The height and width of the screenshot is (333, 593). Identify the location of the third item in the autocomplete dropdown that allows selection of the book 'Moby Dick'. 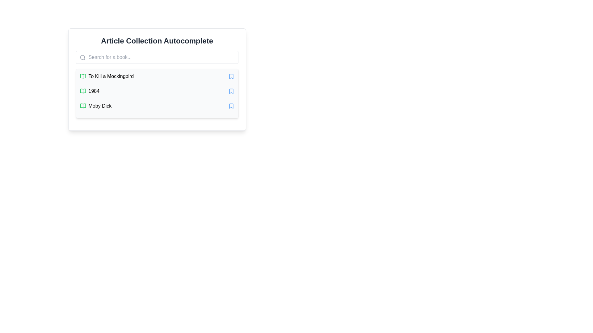
(157, 105).